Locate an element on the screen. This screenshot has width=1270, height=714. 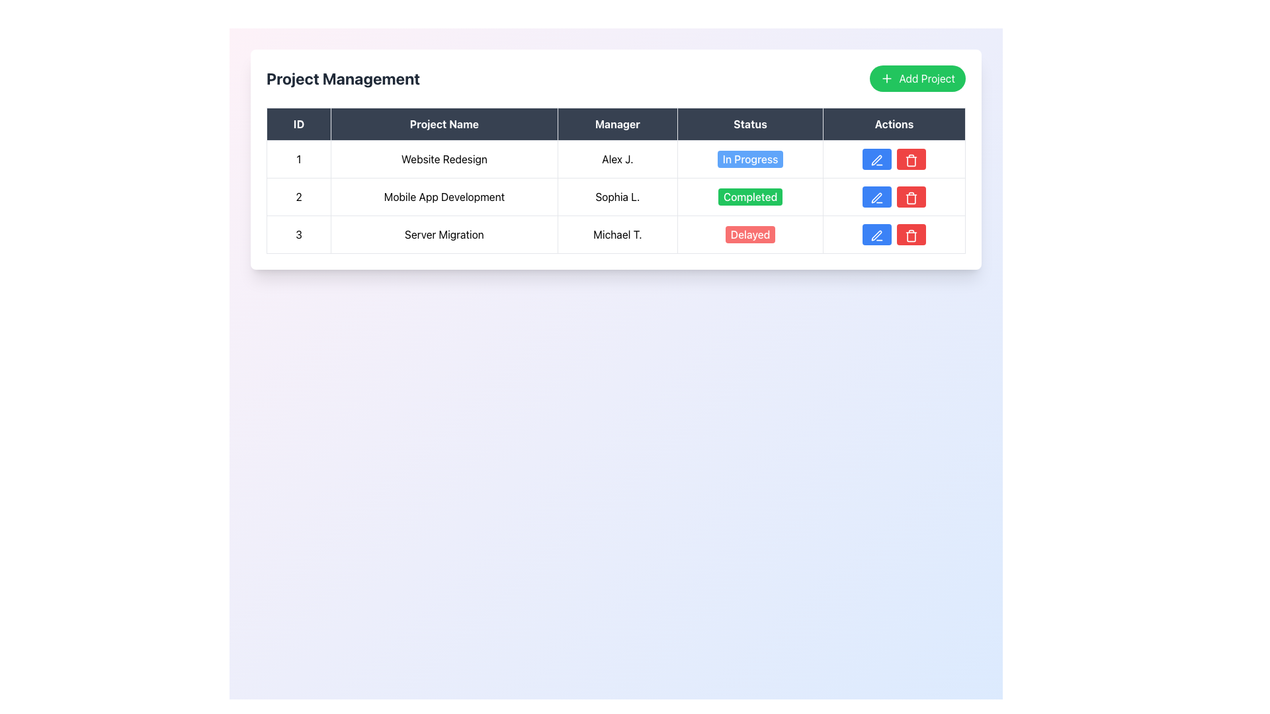
the 'Delayed' status button in the 'Status' column of the third row for the 'Server Migration' project managed by 'Michael T.' is located at coordinates (750, 233).